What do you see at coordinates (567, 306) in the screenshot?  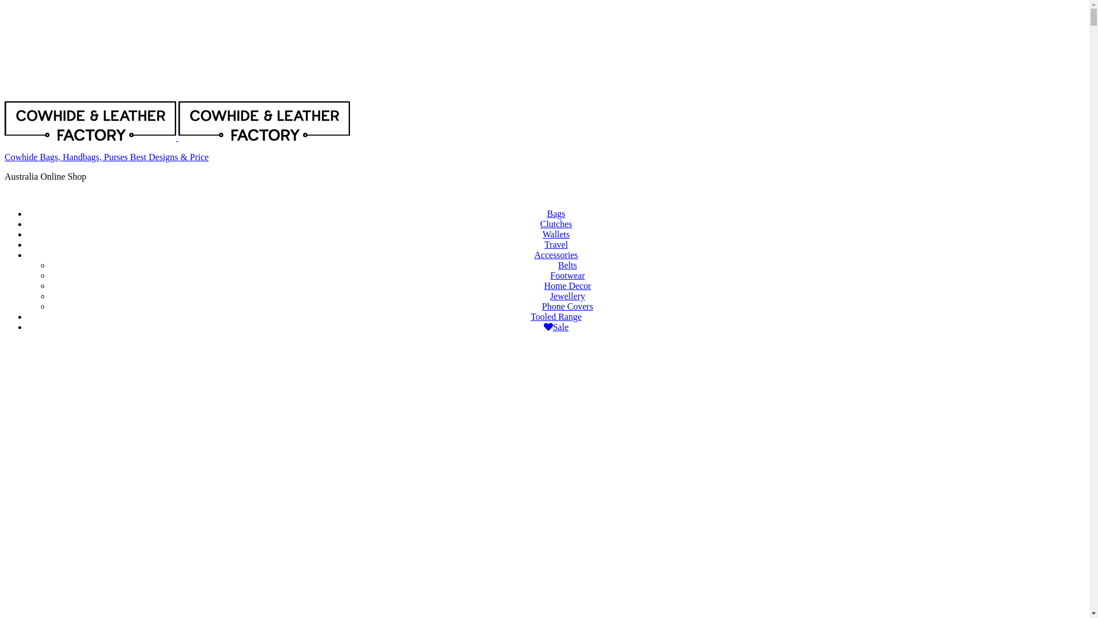 I see `'Phone Covers'` at bounding box center [567, 306].